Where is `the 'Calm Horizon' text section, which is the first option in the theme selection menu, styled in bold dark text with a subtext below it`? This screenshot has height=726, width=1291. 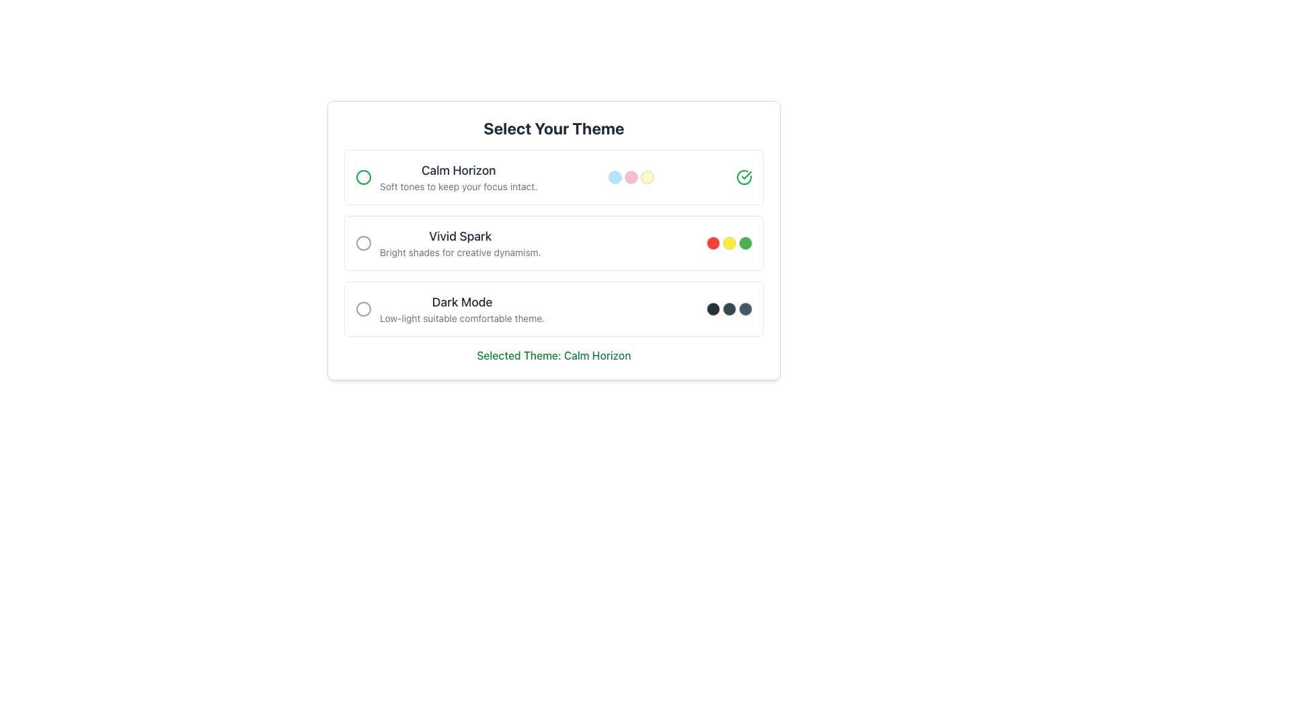 the 'Calm Horizon' text section, which is the first option in the theme selection menu, styled in bold dark text with a subtext below it is located at coordinates (459, 176).